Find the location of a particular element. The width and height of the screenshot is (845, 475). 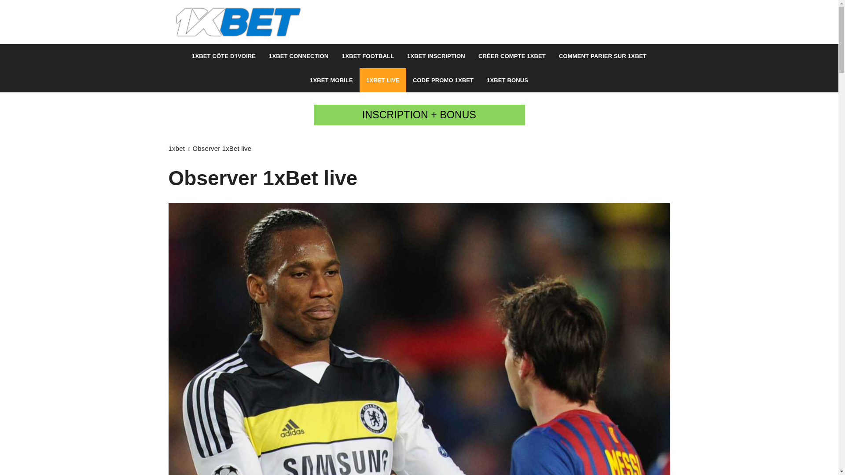

'1xbet' is located at coordinates (168, 148).